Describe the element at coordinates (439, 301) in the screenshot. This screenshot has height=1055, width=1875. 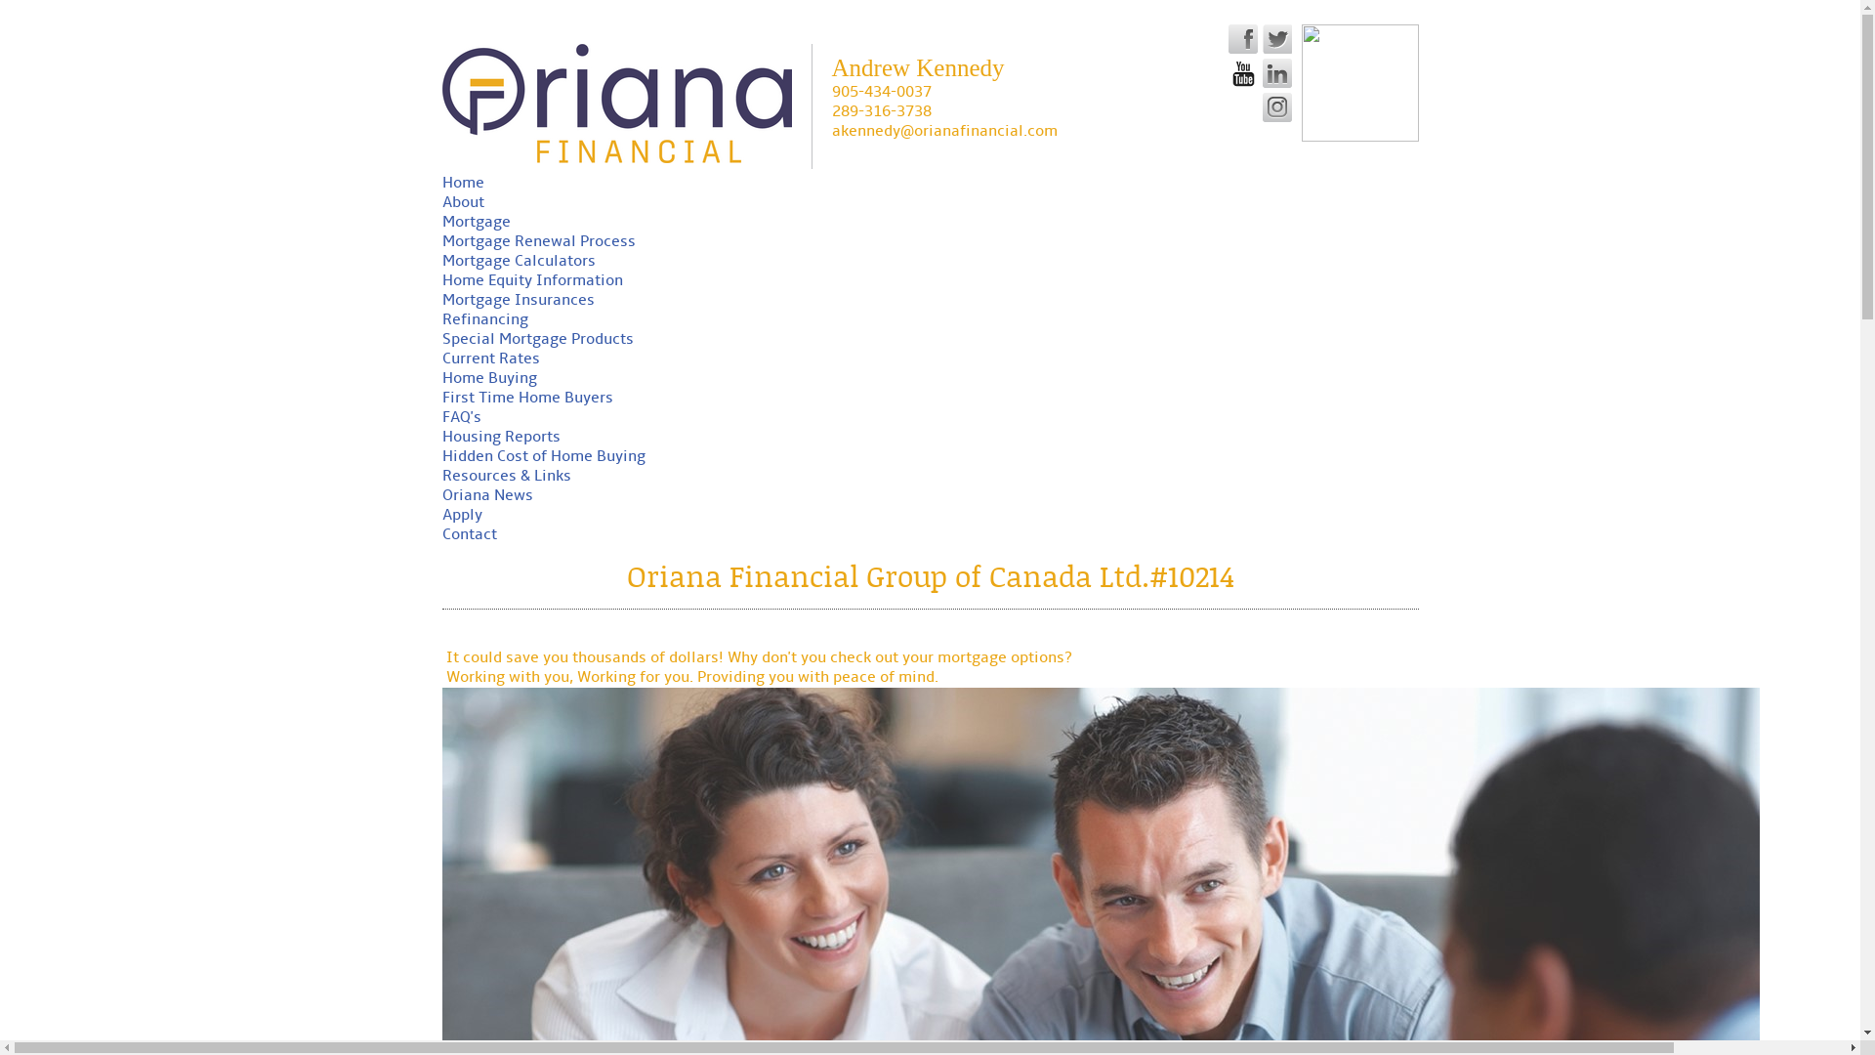
I see `'Mortgage Insurances'` at that location.